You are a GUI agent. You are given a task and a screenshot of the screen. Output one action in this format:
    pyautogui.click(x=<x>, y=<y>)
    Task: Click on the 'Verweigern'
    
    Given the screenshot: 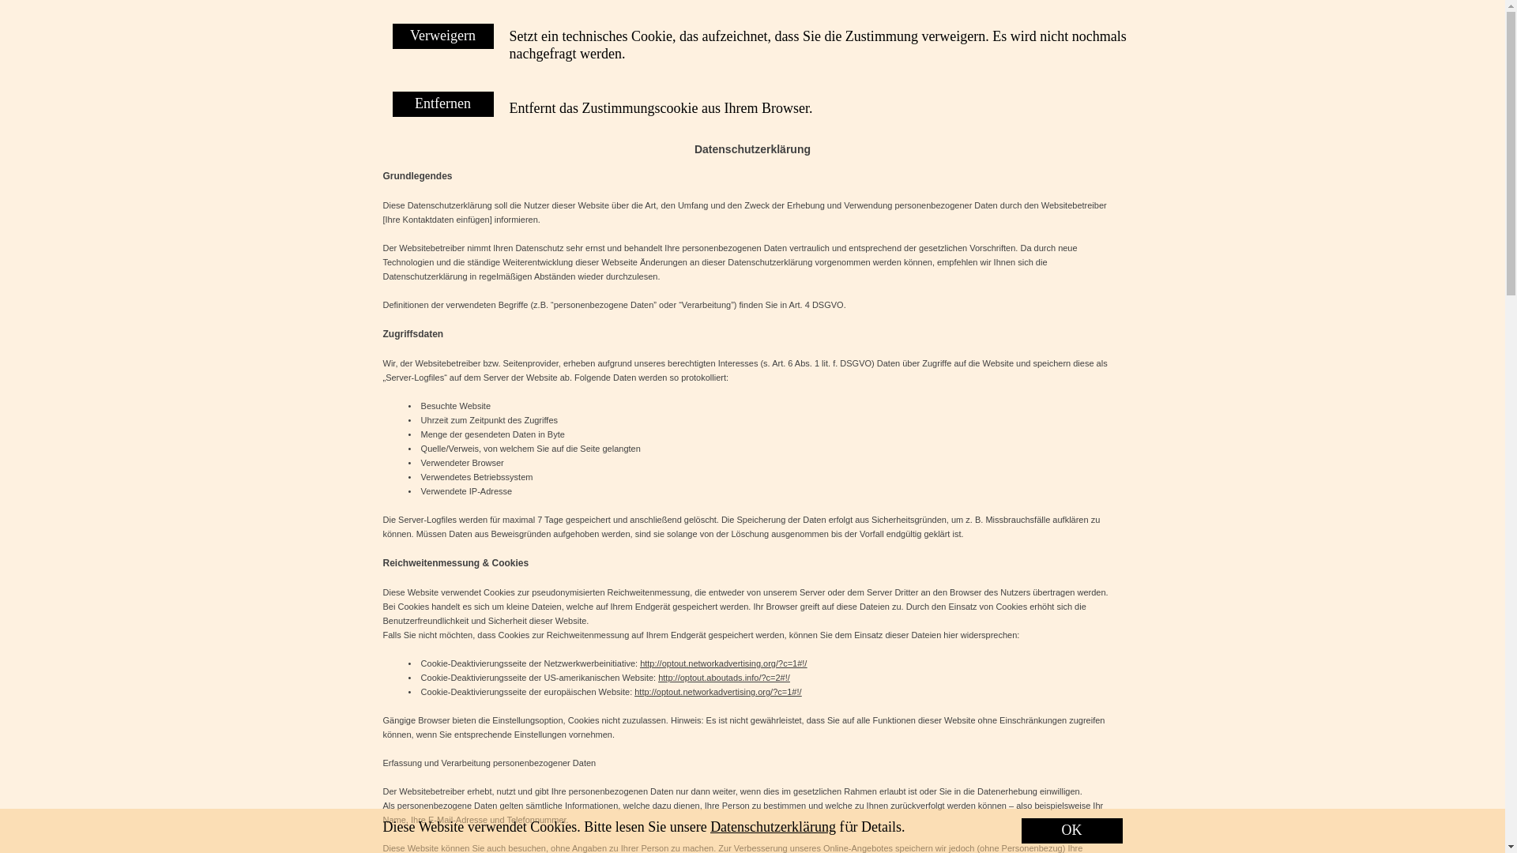 What is the action you would take?
    pyautogui.click(x=442, y=36)
    